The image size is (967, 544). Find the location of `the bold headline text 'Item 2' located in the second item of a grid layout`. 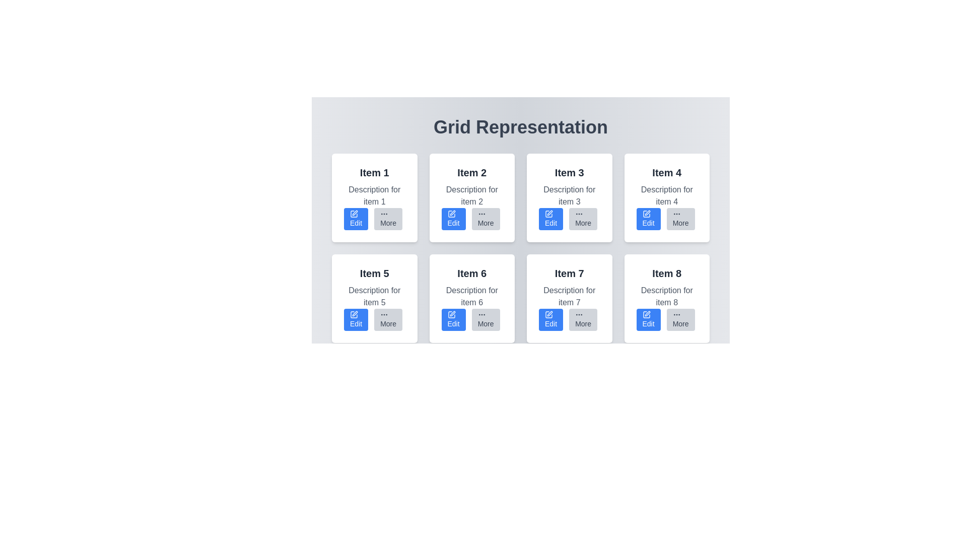

the bold headline text 'Item 2' located in the second item of a grid layout is located at coordinates (471, 172).